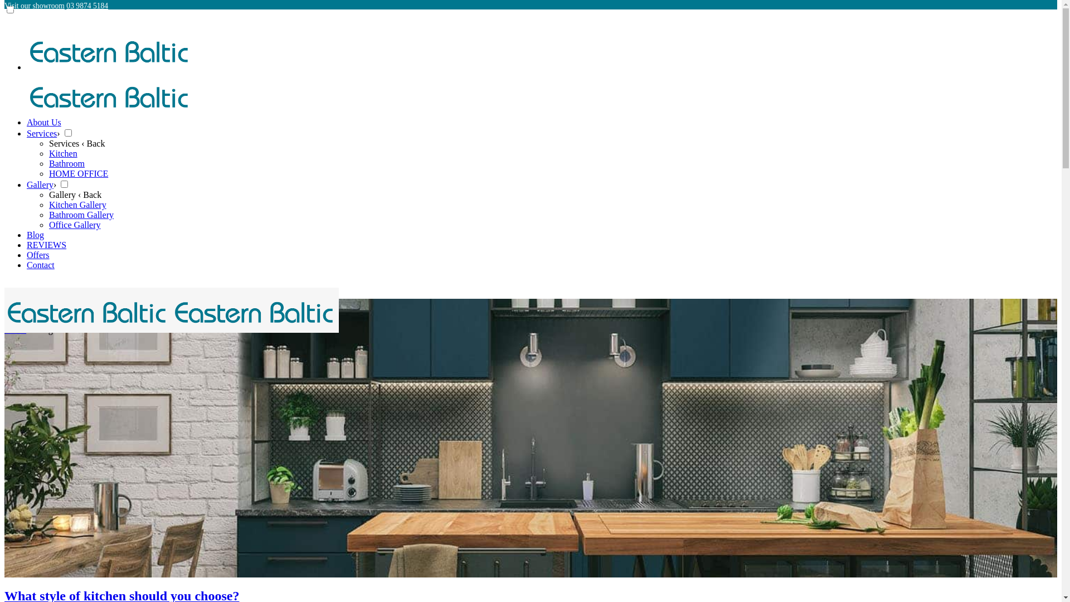  Describe the element at coordinates (35, 234) in the screenshot. I see `'Blog'` at that location.